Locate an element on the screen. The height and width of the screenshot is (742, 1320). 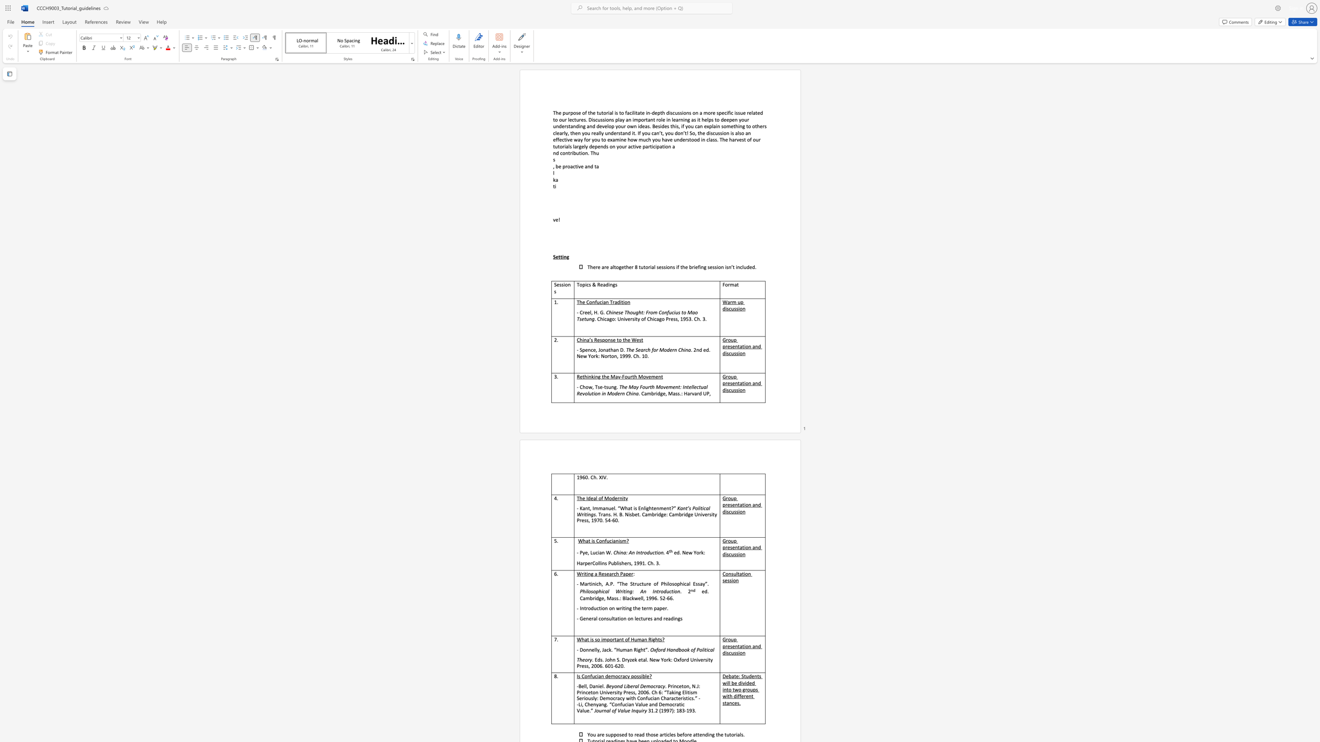
the subset text "and d" within the text "Group presentation and discussion" is located at coordinates (752, 346).